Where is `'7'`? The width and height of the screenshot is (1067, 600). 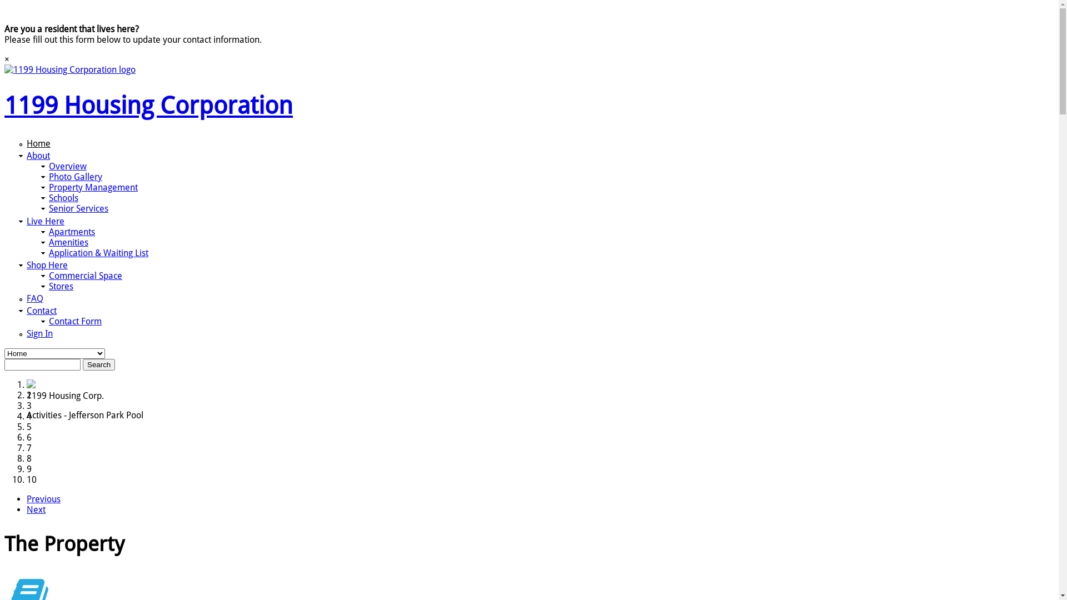
'7' is located at coordinates (29, 447).